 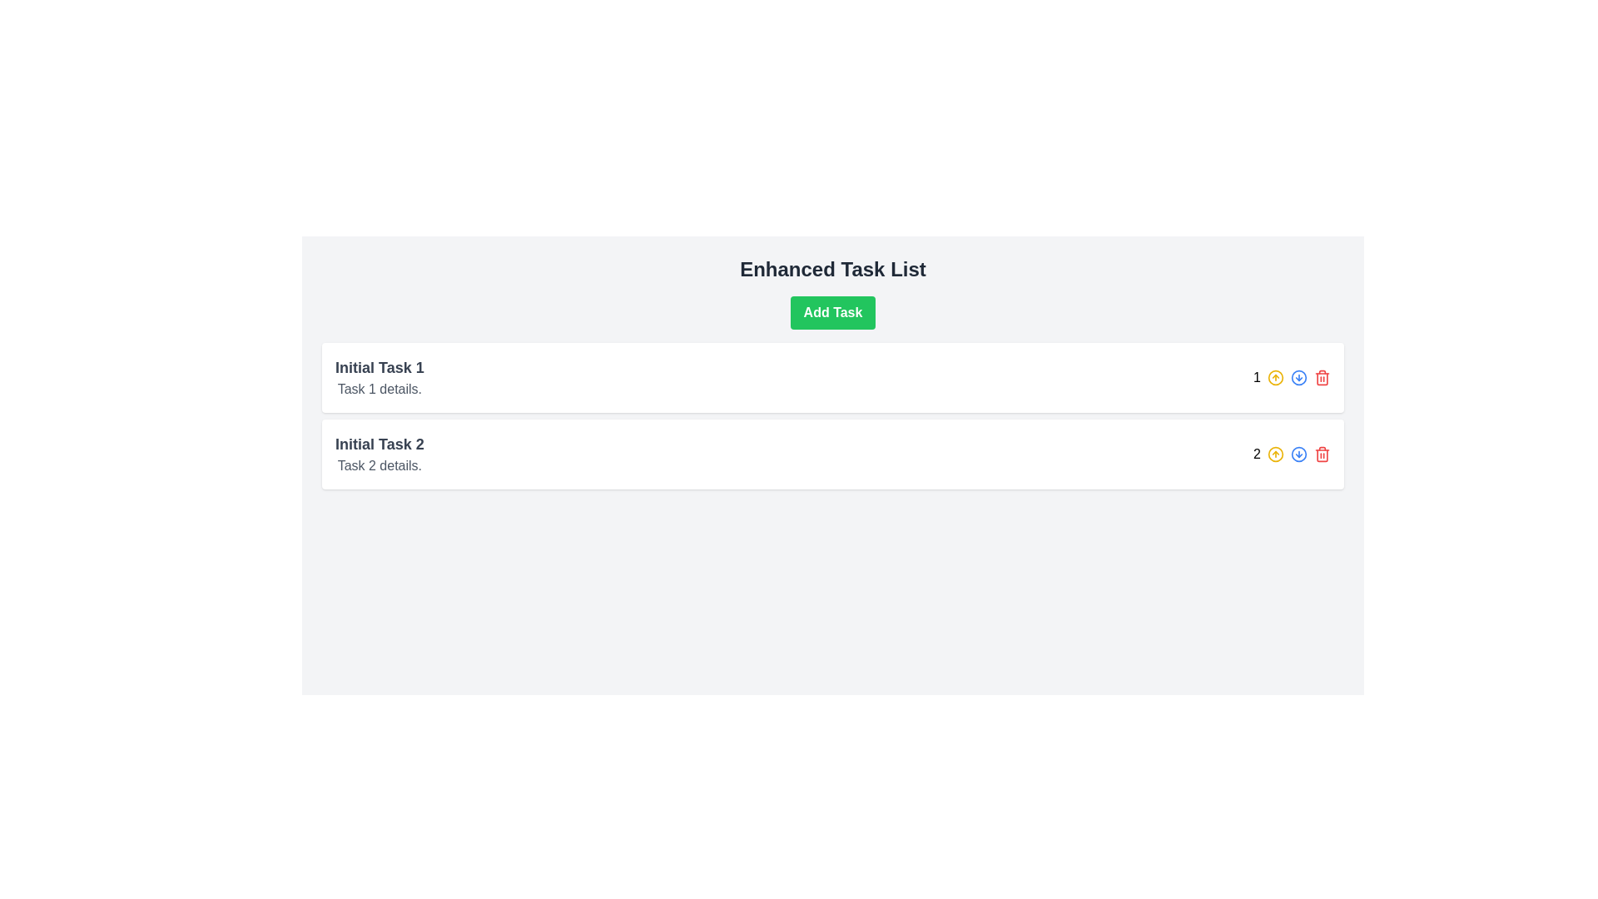 What do you see at coordinates (379, 465) in the screenshot?
I see `the text element displaying 'Task 2 details.' which is styled with a gray font and located immediately below 'Initial Task 2.'` at bounding box center [379, 465].